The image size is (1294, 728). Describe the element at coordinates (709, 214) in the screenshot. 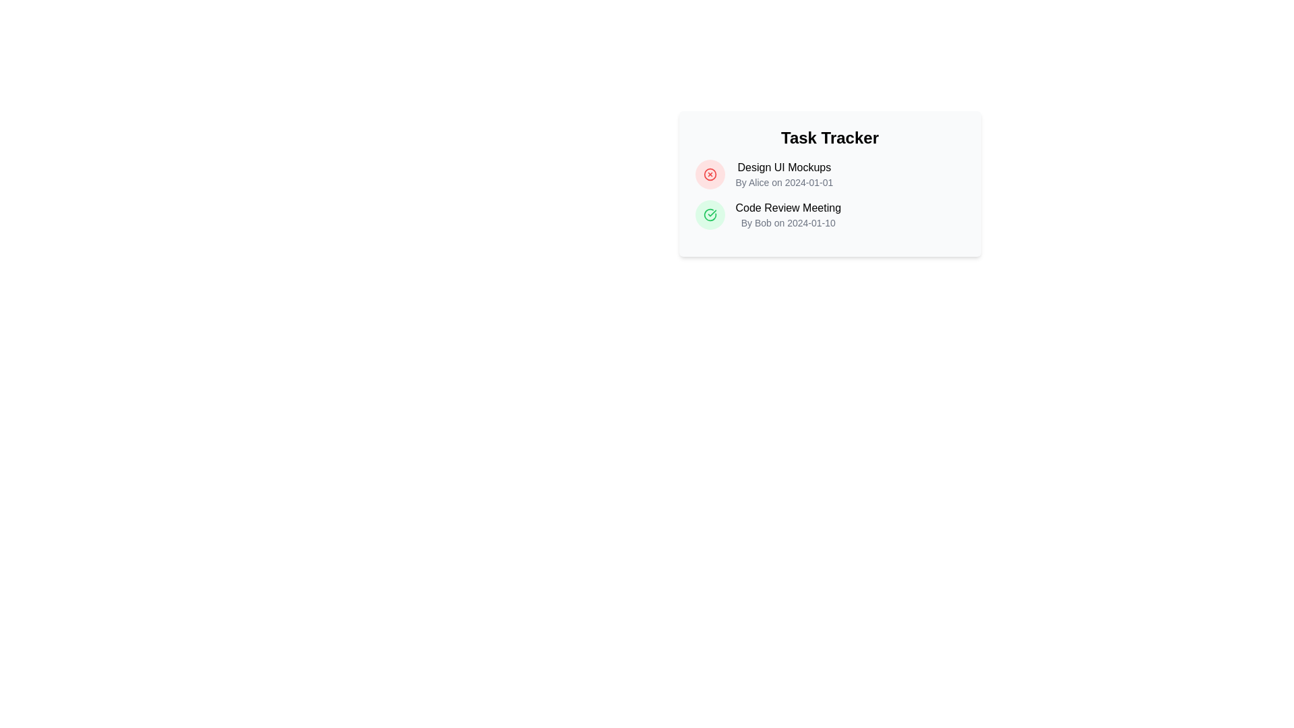

I see `the second circular icon in the vertical list of tasks, located near the text 'Code Review Meeting', which serves as a status indicator for task completion or approval` at that location.